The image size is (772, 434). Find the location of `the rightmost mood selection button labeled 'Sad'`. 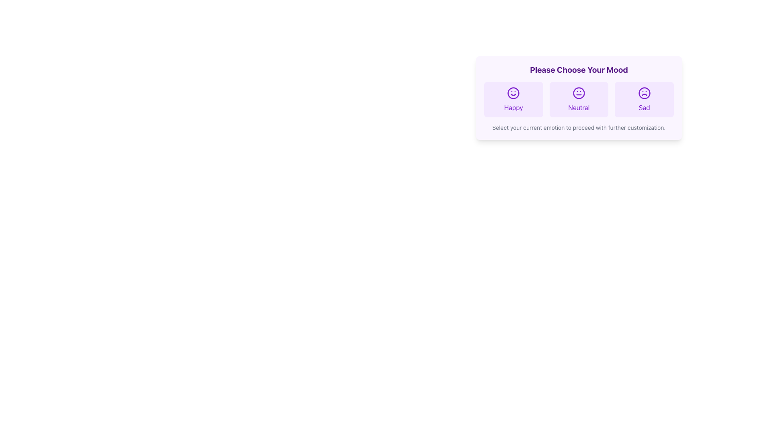

the rightmost mood selection button labeled 'Sad' is located at coordinates (644, 99).